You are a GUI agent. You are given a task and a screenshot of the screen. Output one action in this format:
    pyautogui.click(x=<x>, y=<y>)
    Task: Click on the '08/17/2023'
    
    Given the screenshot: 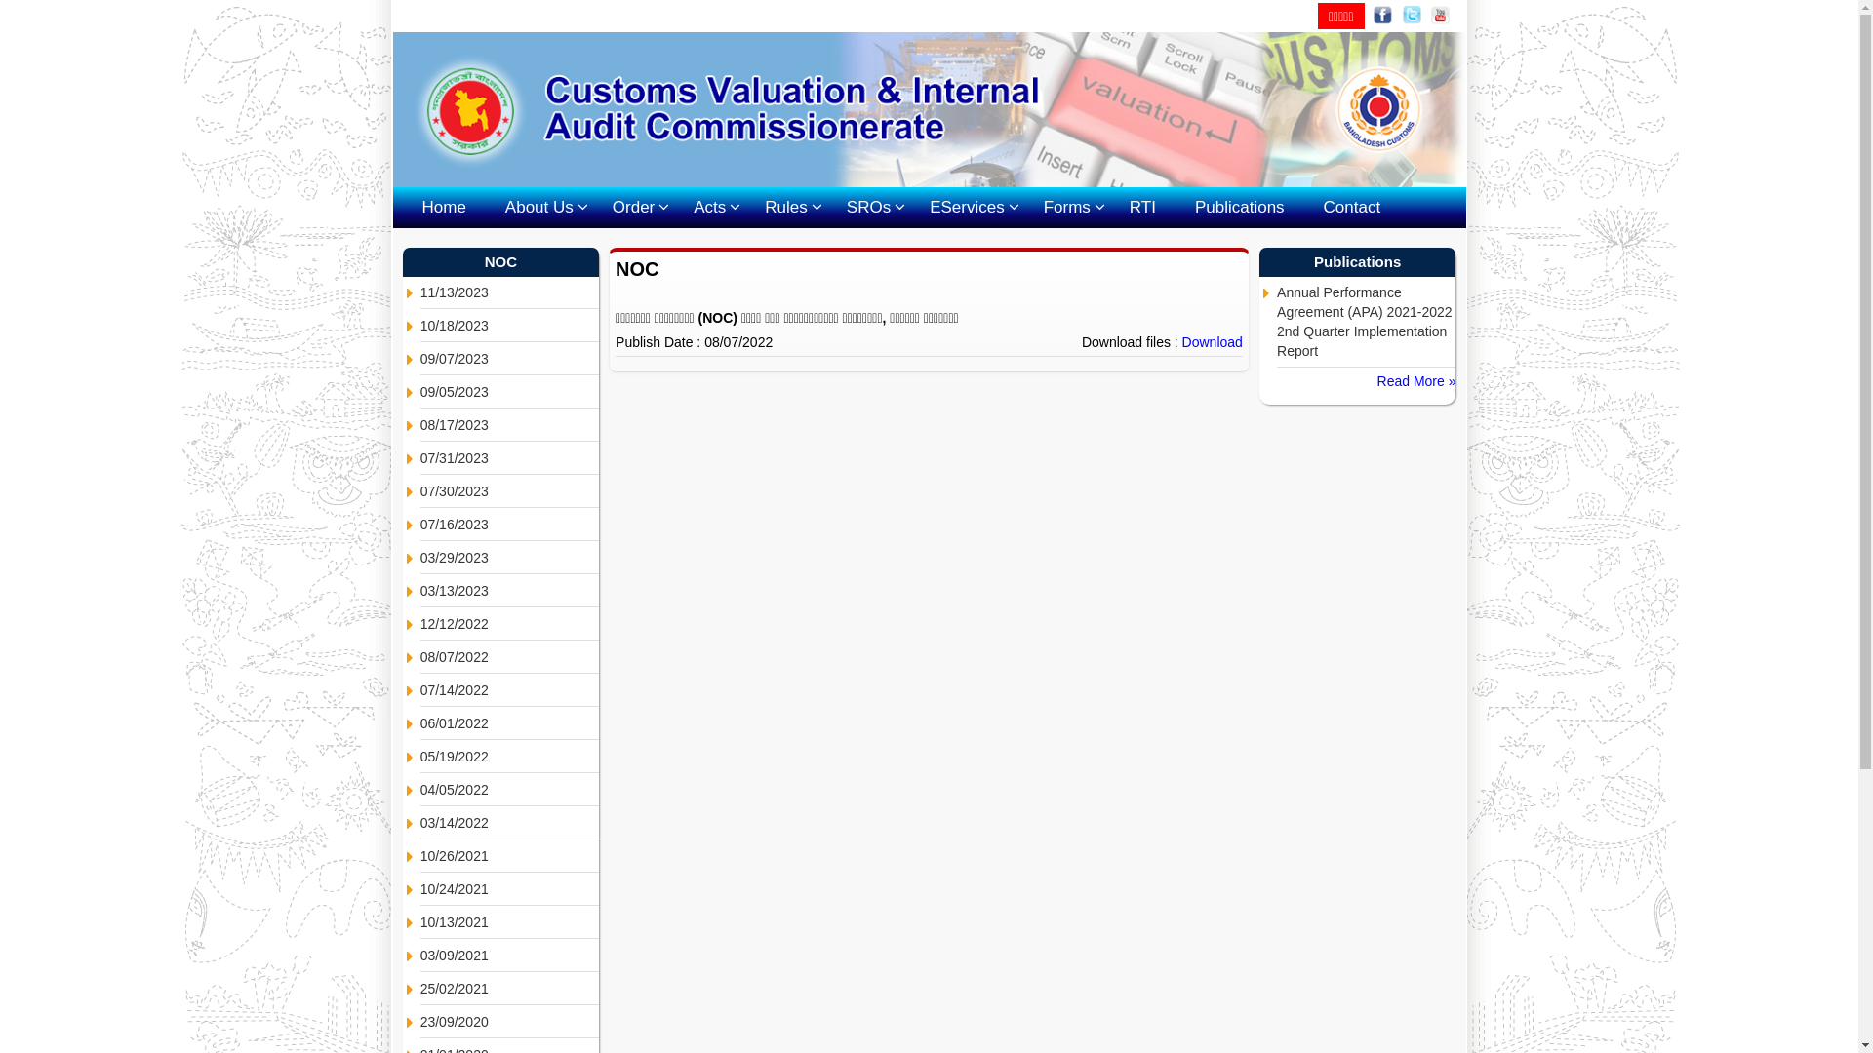 What is the action you would take?
    pyautogui.click(x=509, y=424)
    